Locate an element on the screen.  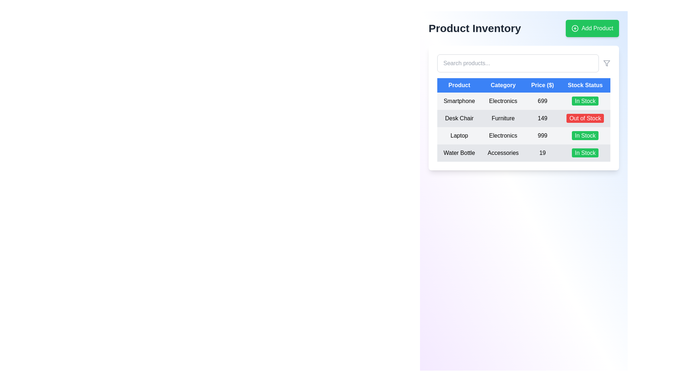
the green 'In Stock' status badge located in the rightmost column of the stock inventory table is located at coordinates (585, 101).